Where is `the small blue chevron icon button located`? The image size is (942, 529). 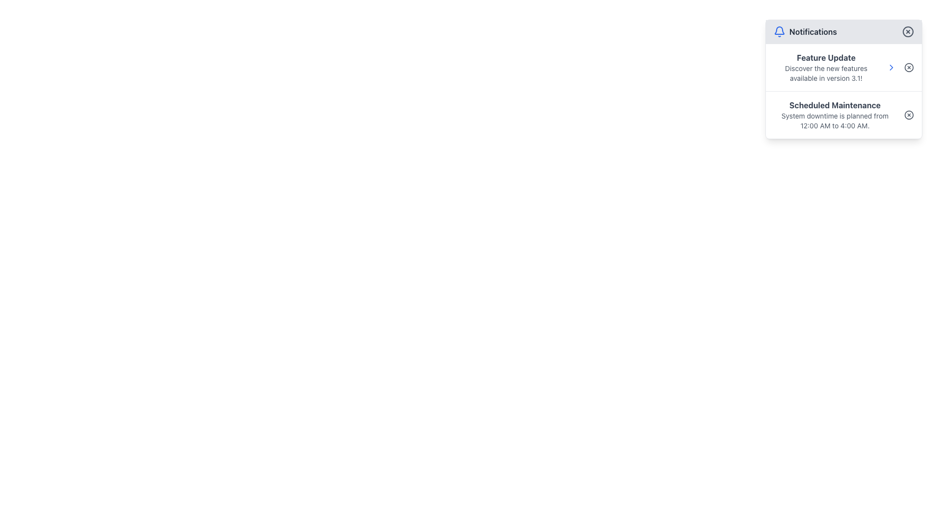 the small blue chevron icon button located is located at coordinates (891, 67).